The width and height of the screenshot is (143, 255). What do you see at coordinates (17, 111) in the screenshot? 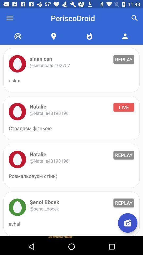
I see `profile picture` at bounding box center [17, 111].